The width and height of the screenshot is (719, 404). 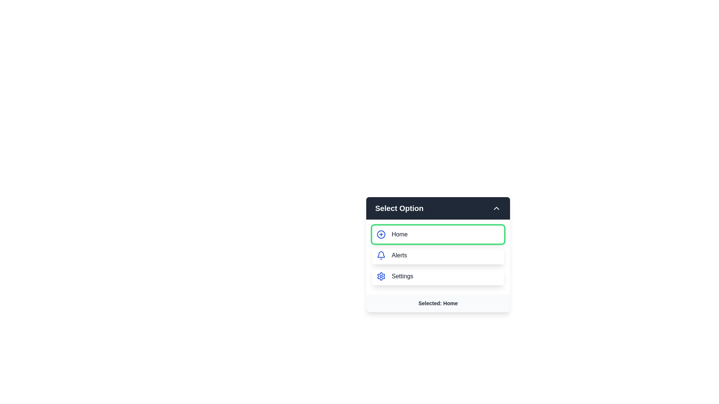 I want to click on 'Settings' label located in the third item of the vertical list within the dropdown menu, positioned below the 'Alerts' option, so click(x=402, y=276).